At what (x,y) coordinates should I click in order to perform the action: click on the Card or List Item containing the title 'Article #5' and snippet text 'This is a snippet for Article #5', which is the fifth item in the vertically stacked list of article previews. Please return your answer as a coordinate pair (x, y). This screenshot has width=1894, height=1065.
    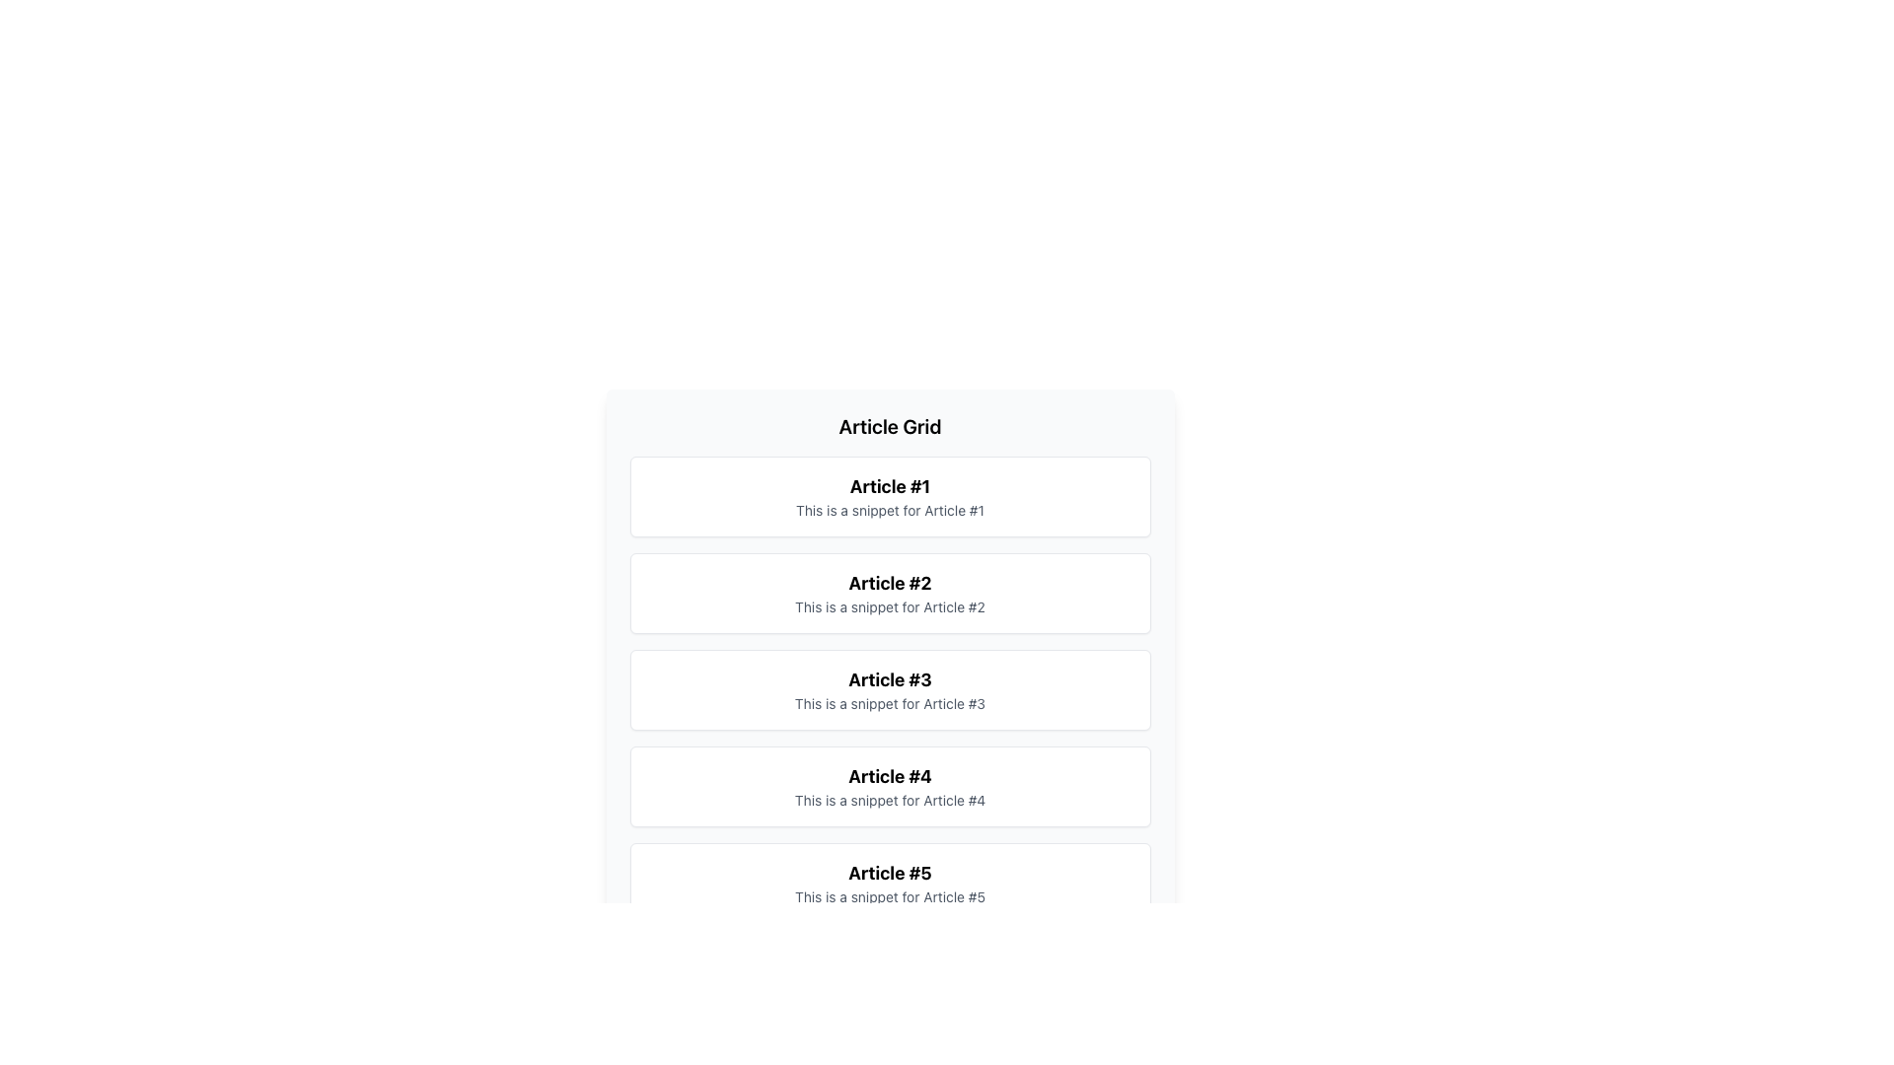
    Looking at the image, I should click on (889, 882).